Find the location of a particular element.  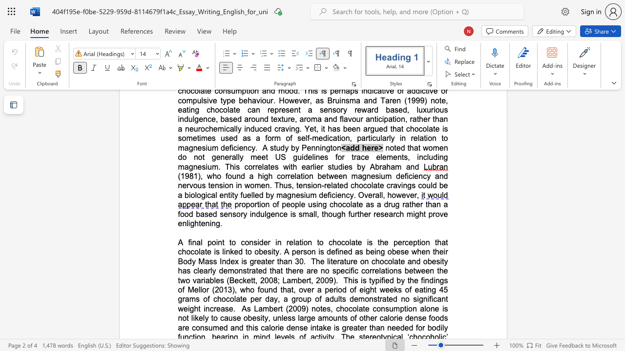

the subset text "ho found that, over a period of eight weeks of eating 45 grams of chocolate p" within the text "This is typified by the findings of Mellor (2013), who found that, over a period of eight weeks of eating 45 grams of chocolate per day, a group of adults" is located at coordinates (246, 289).